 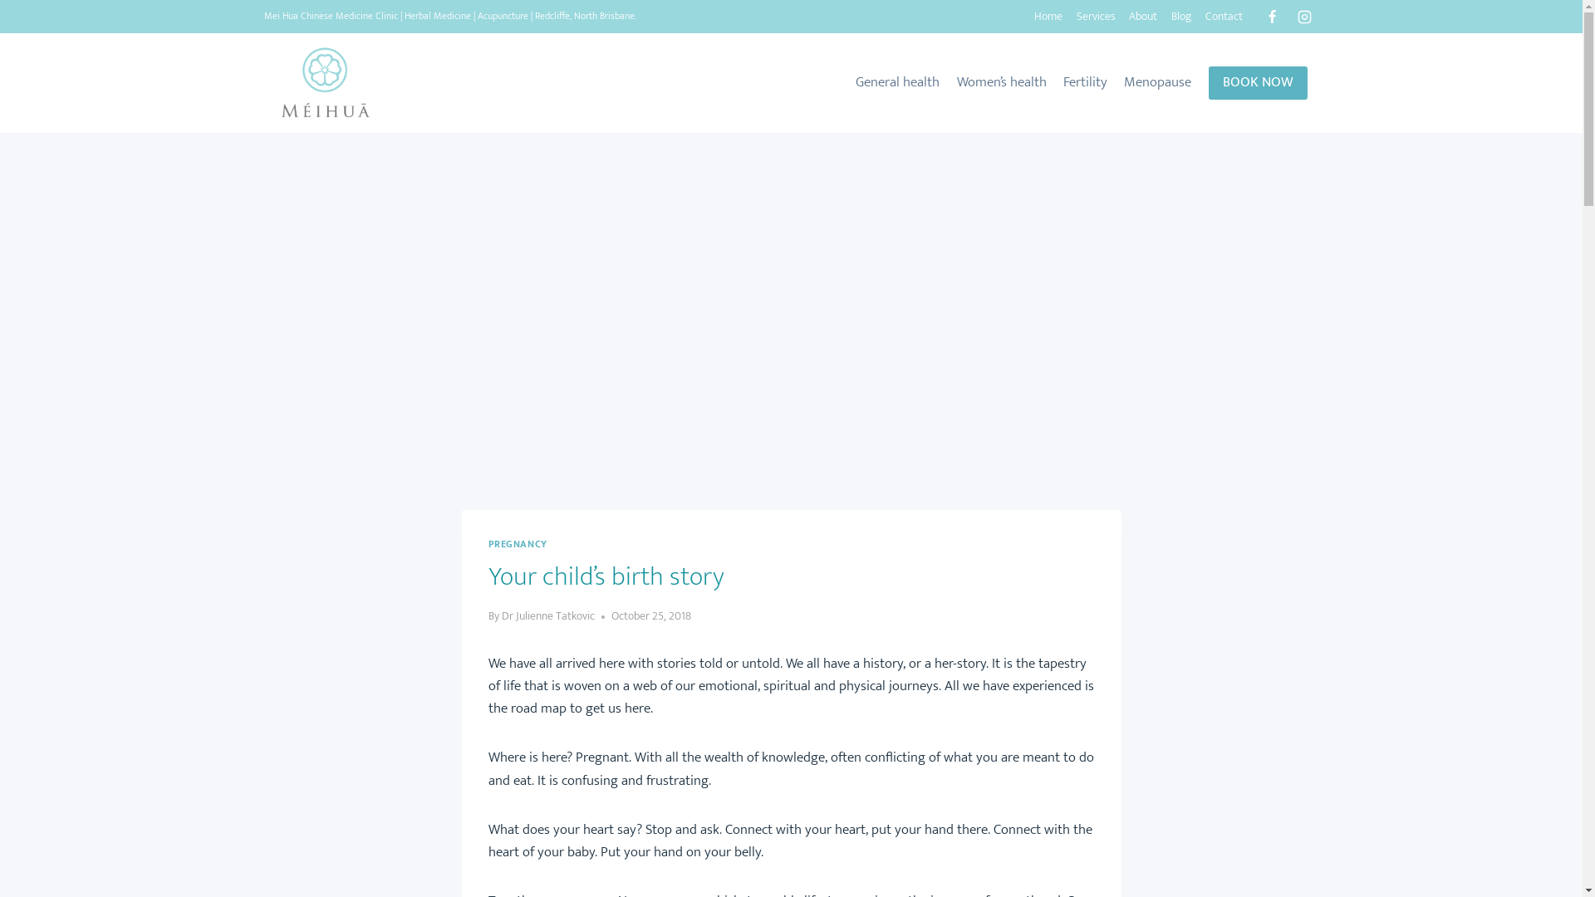 I want to click on 'Fertility', so click(x=1085, y=83).